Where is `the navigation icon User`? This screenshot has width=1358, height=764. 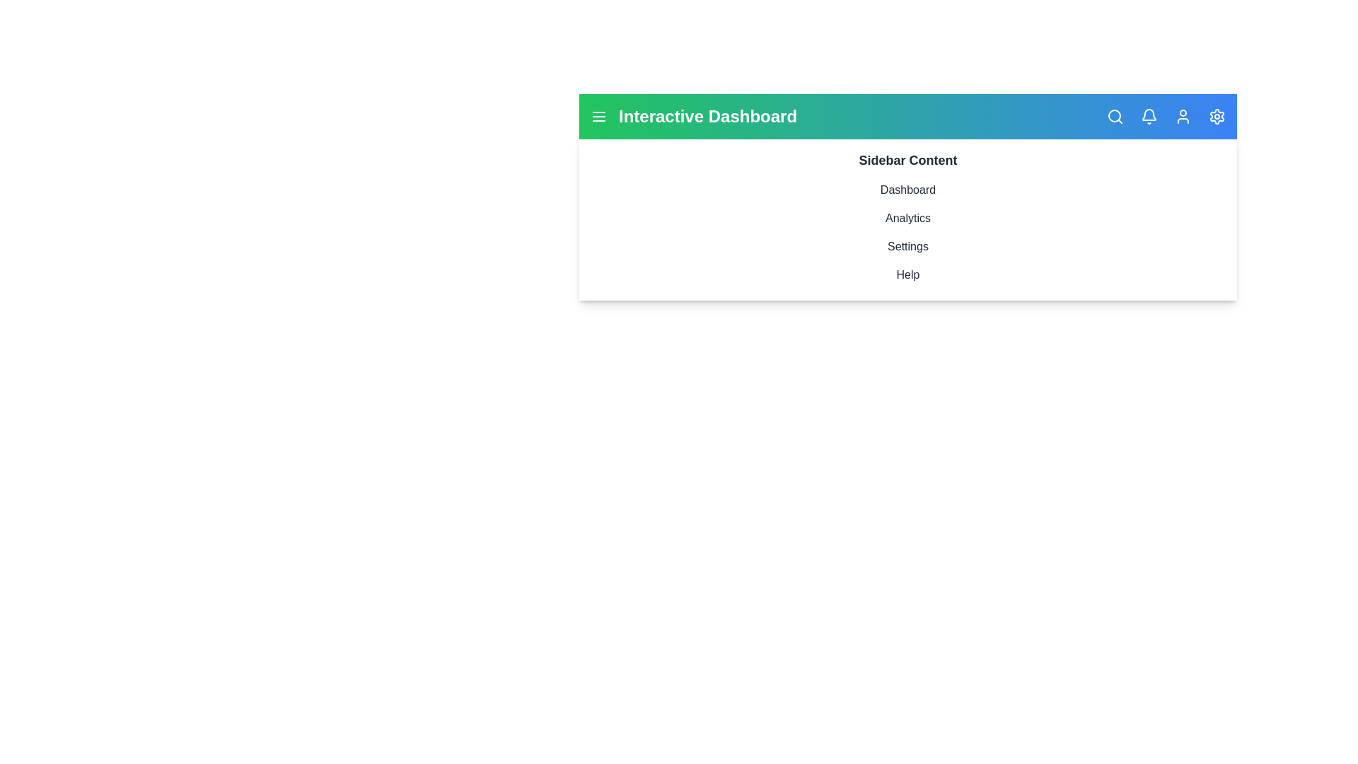
the navigation icon User is located at coordinates (1183, 116).